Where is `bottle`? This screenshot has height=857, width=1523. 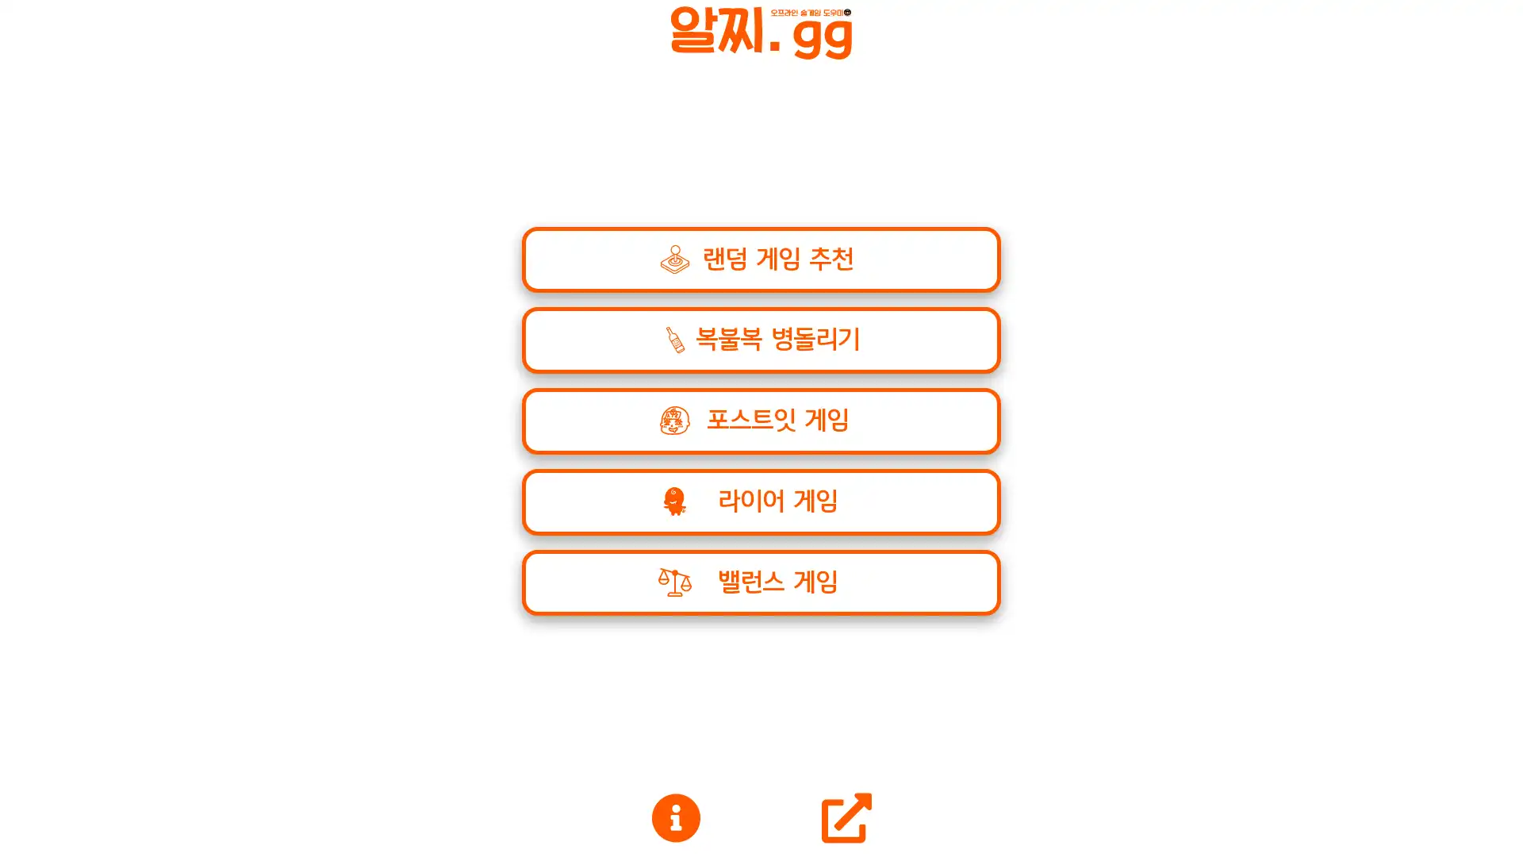 bottle is located at coordinates (760, 502).